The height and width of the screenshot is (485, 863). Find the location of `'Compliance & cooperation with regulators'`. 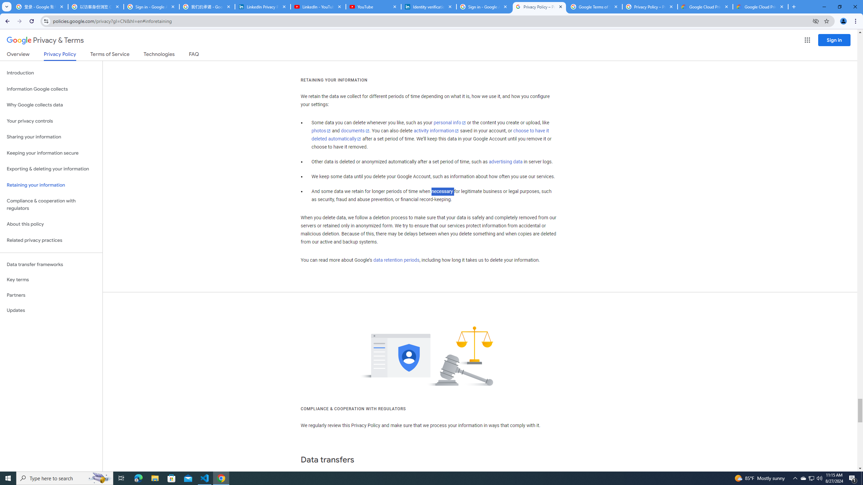

'Compliance & cooperation with regulators' is located at coordinates (51, 205).